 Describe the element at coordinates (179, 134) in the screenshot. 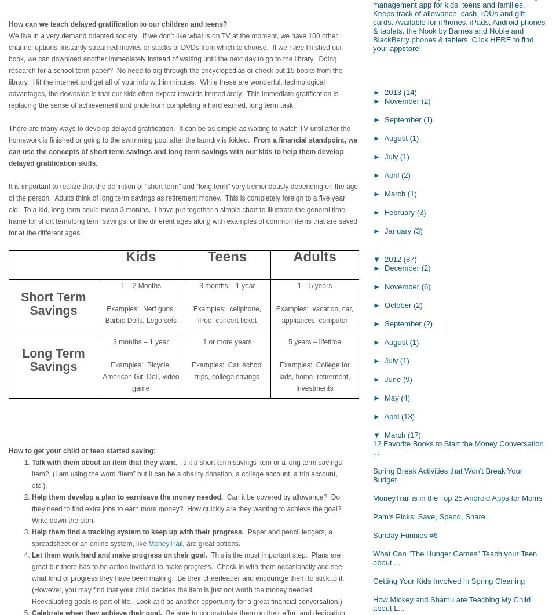

I see `'There are many ways to develop delayed
gratification.  It can be as simple as
waiting to watch TV until after the homework is finished or going to the swimming
pool after the laundry is folded.'` at that location.